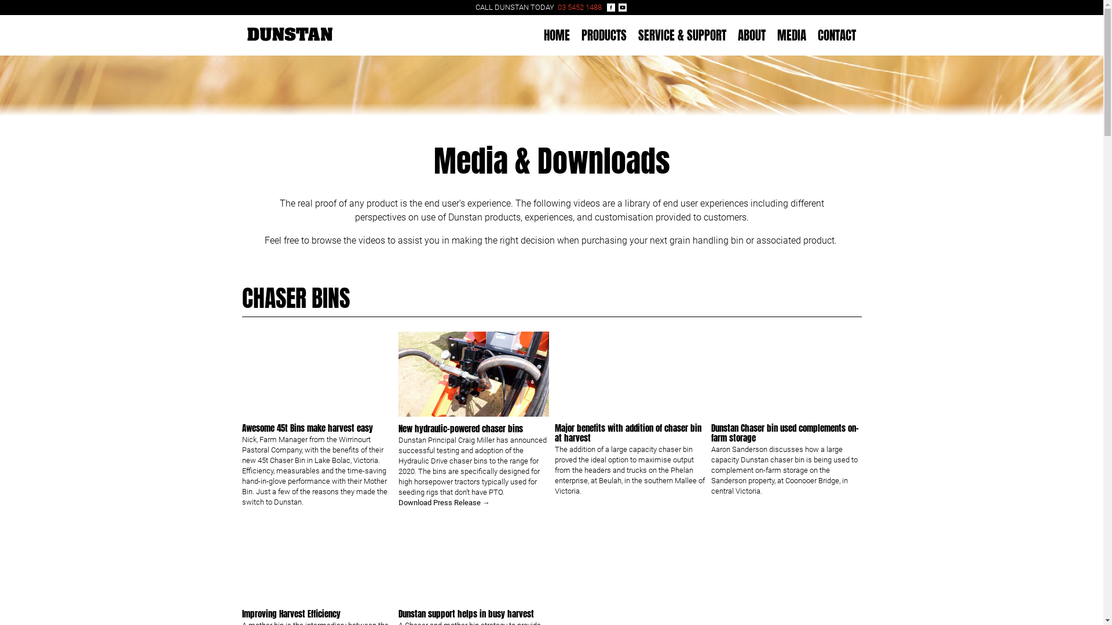 This screenshot has height=625, width=1112. What do you see at coordinates (295, 297) in the screenshot?
I see `'CHASER BINS'` at bounding box center [295, 297].